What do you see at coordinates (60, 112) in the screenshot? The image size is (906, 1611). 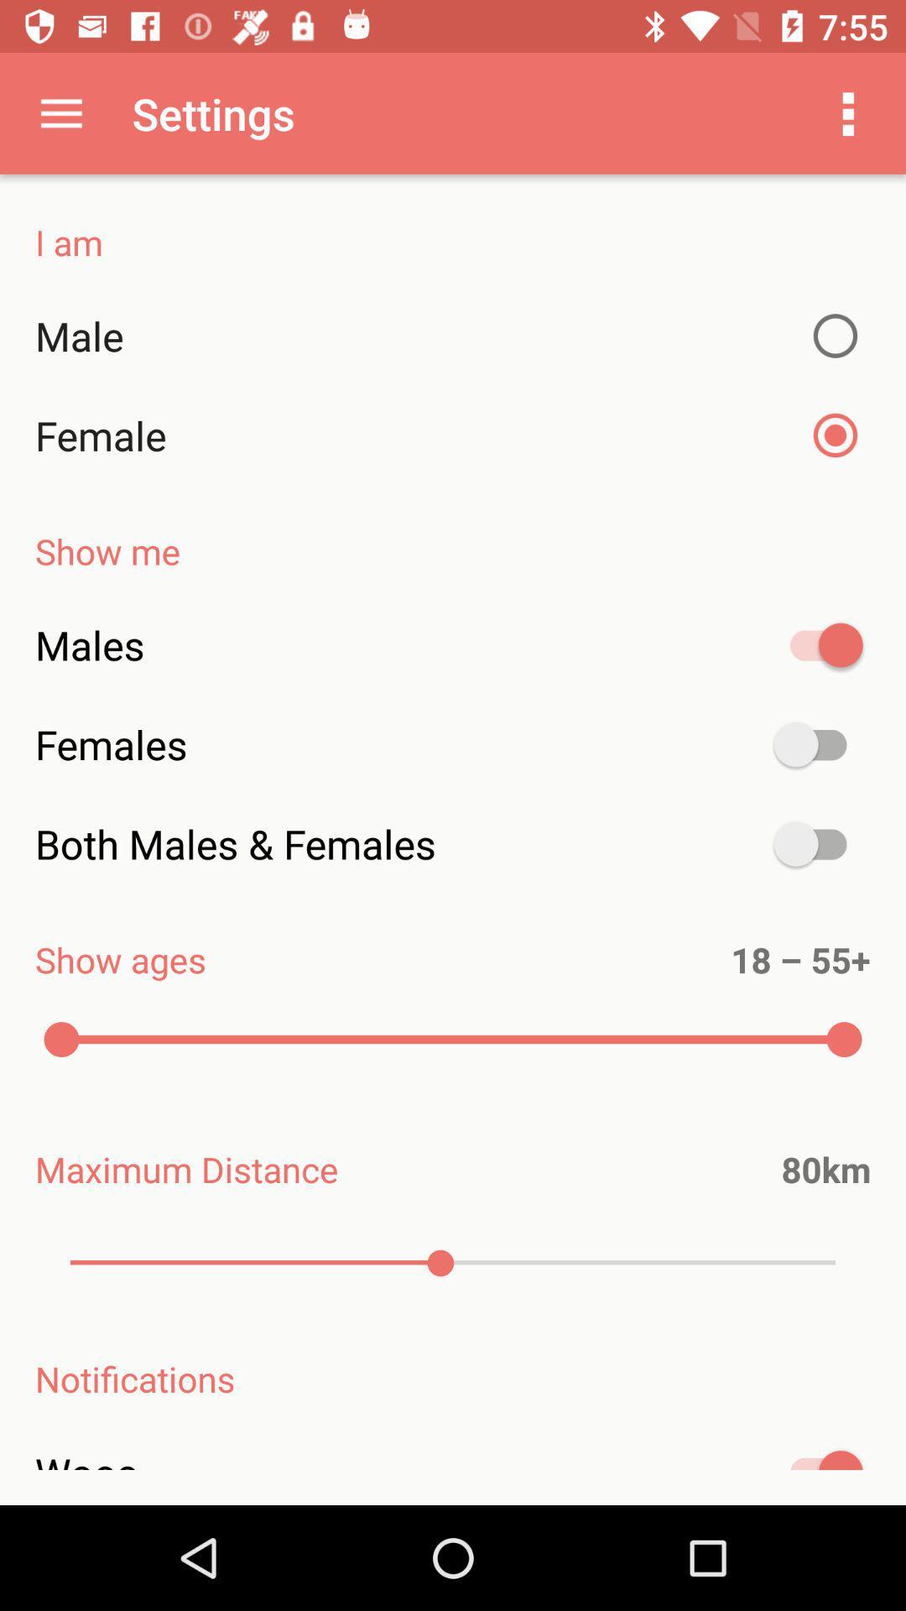 I see `app next to the settings` at bounding box center [60, 112].